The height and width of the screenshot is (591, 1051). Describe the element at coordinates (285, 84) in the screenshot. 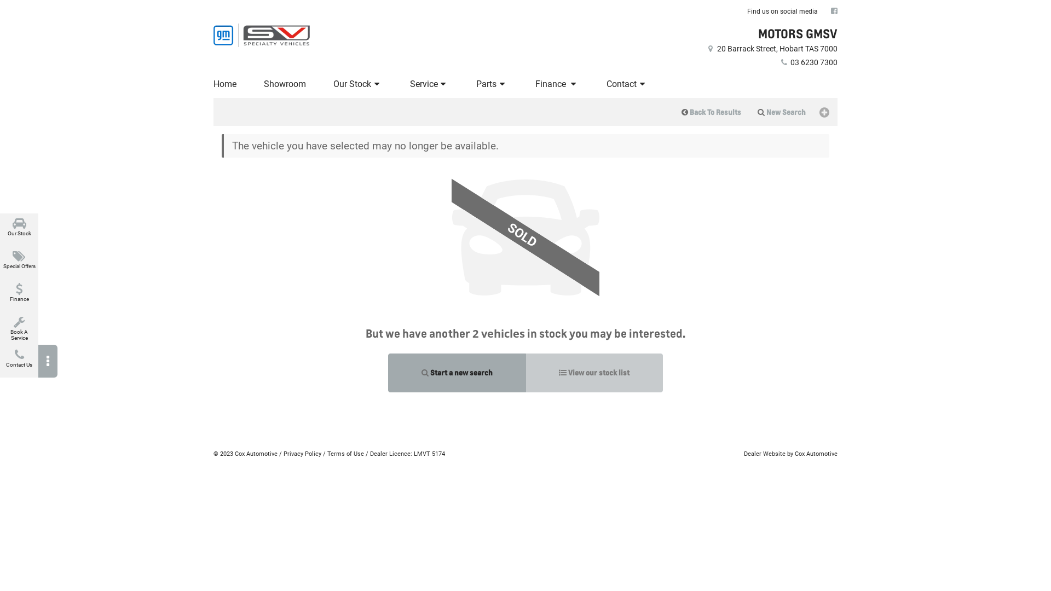

I see `'Showroom'` at that location.